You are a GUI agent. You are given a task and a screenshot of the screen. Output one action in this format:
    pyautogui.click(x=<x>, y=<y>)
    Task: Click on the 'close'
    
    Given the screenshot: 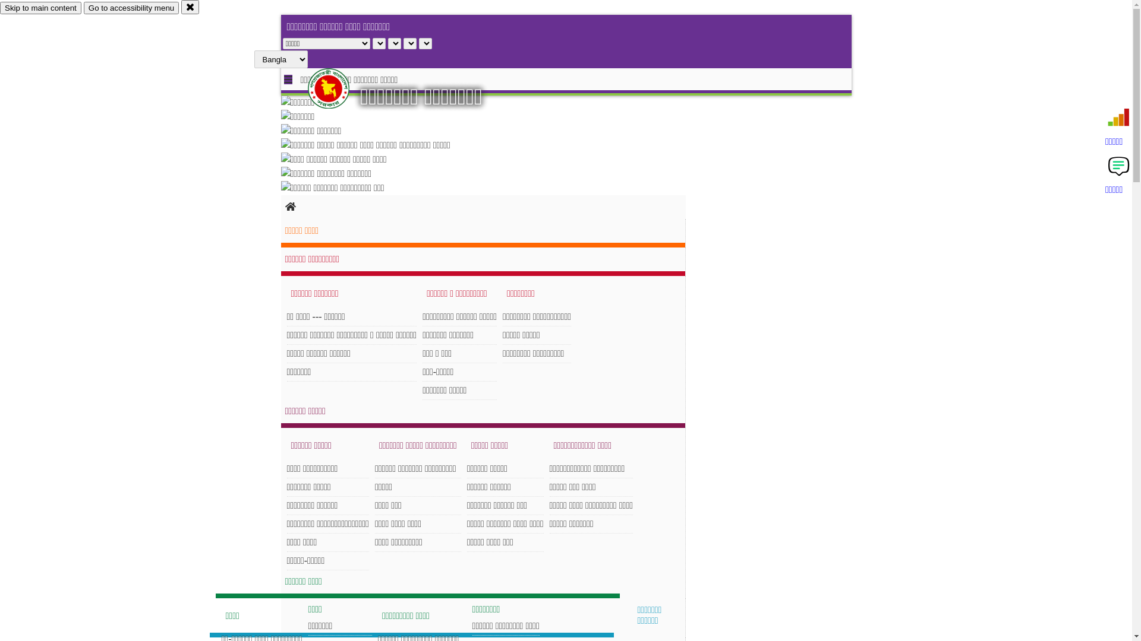 What is the action you would take?
    pyautogui.click(x=190, y=7)
    